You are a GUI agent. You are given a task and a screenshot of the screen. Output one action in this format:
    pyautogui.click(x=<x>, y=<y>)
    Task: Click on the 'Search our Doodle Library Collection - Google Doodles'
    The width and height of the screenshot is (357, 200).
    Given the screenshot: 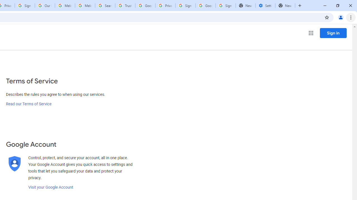 What is the action you would take?
    pyautogui.click(x=105, y=6)
    